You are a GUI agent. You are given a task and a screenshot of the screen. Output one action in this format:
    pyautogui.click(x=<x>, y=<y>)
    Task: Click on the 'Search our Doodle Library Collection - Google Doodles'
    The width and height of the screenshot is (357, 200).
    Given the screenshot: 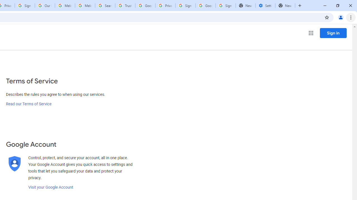 What is the action you would take?
    pyautogui.click(x=105, y=6)
    